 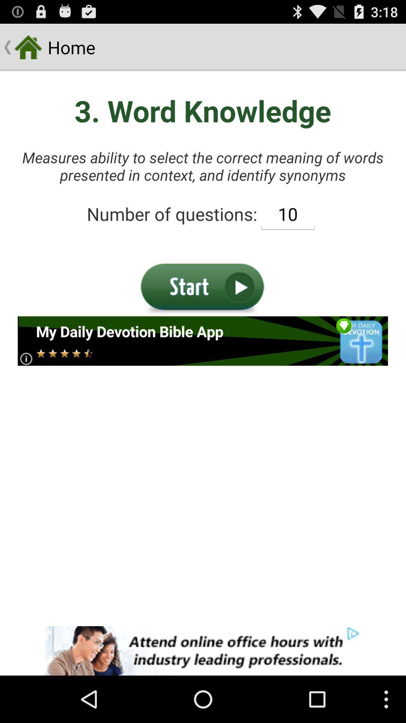 I want to click on advertisement, so click(x=202, y=340).